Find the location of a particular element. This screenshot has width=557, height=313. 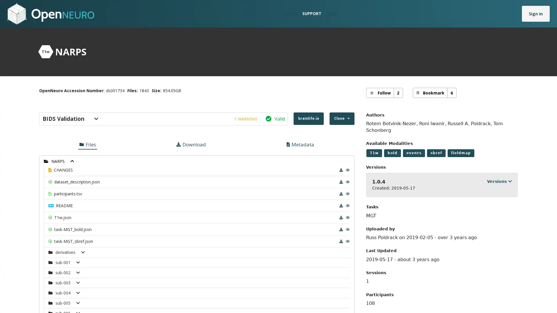

copy git hash is located at coordinates (245, 168).